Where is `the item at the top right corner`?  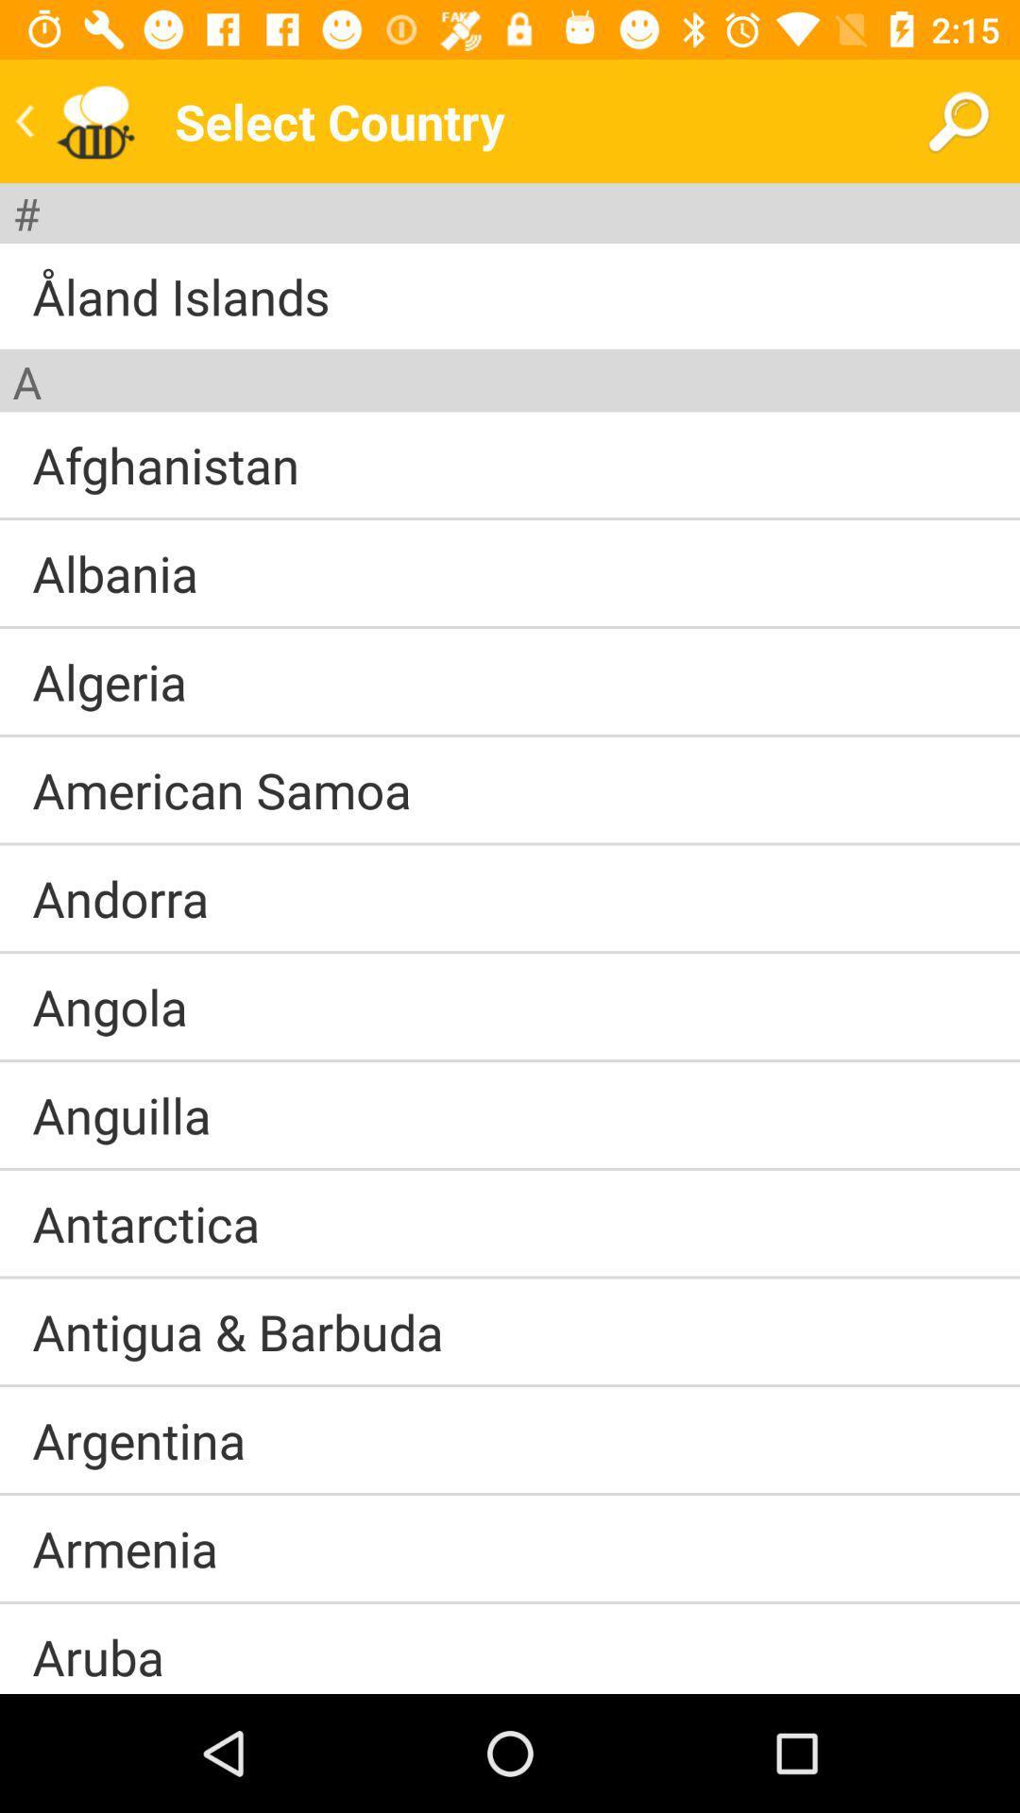 the item at the top right corner is located at coordinates (958, 120).